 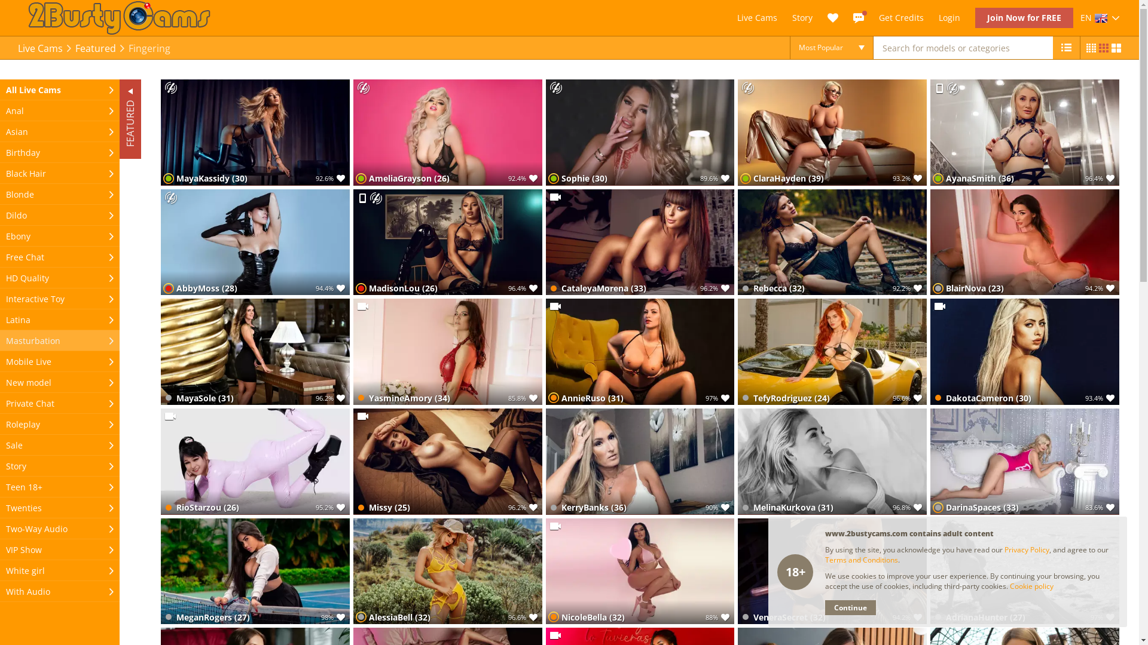 What do you see at coordinates (901, 17) in the screenshot?
I see `'Get Credits'` at bounding box center [901, 17].